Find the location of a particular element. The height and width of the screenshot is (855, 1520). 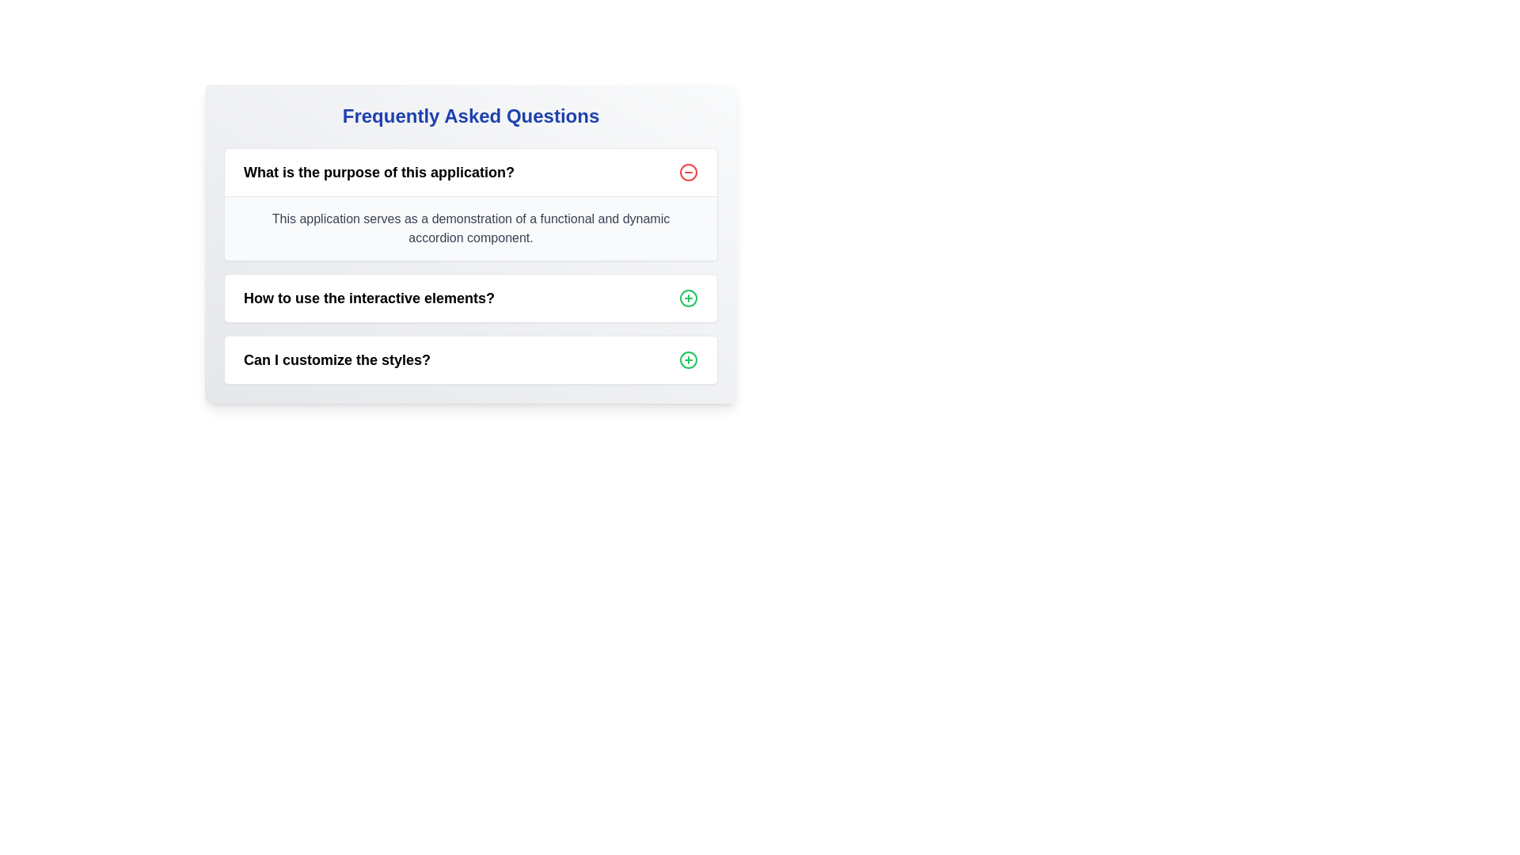

the question in the Collapsible Section located beneath the 'Frequently Asked Questions' title is located at coordinates (470, 244).